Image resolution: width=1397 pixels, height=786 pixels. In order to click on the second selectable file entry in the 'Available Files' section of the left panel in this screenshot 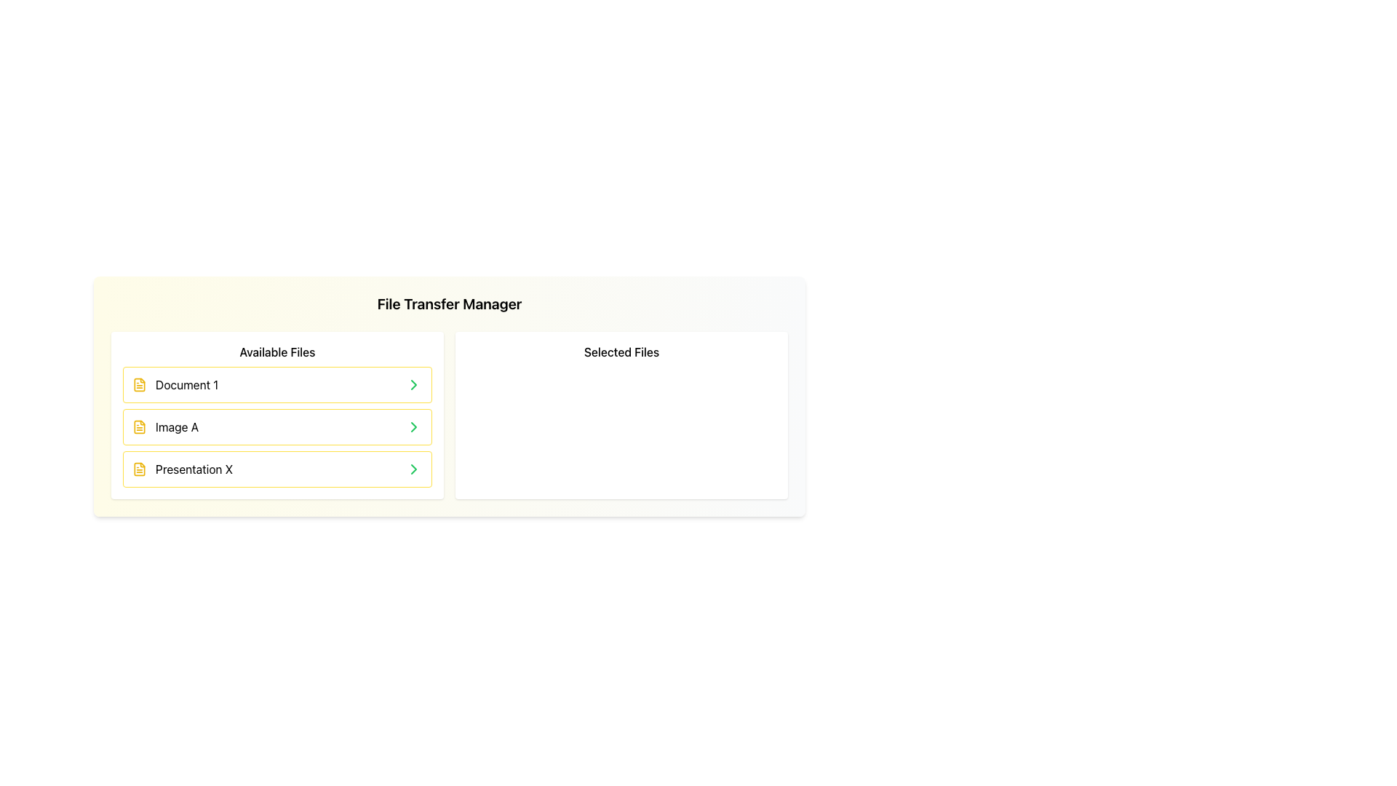, I will do `click(165, 426)`.